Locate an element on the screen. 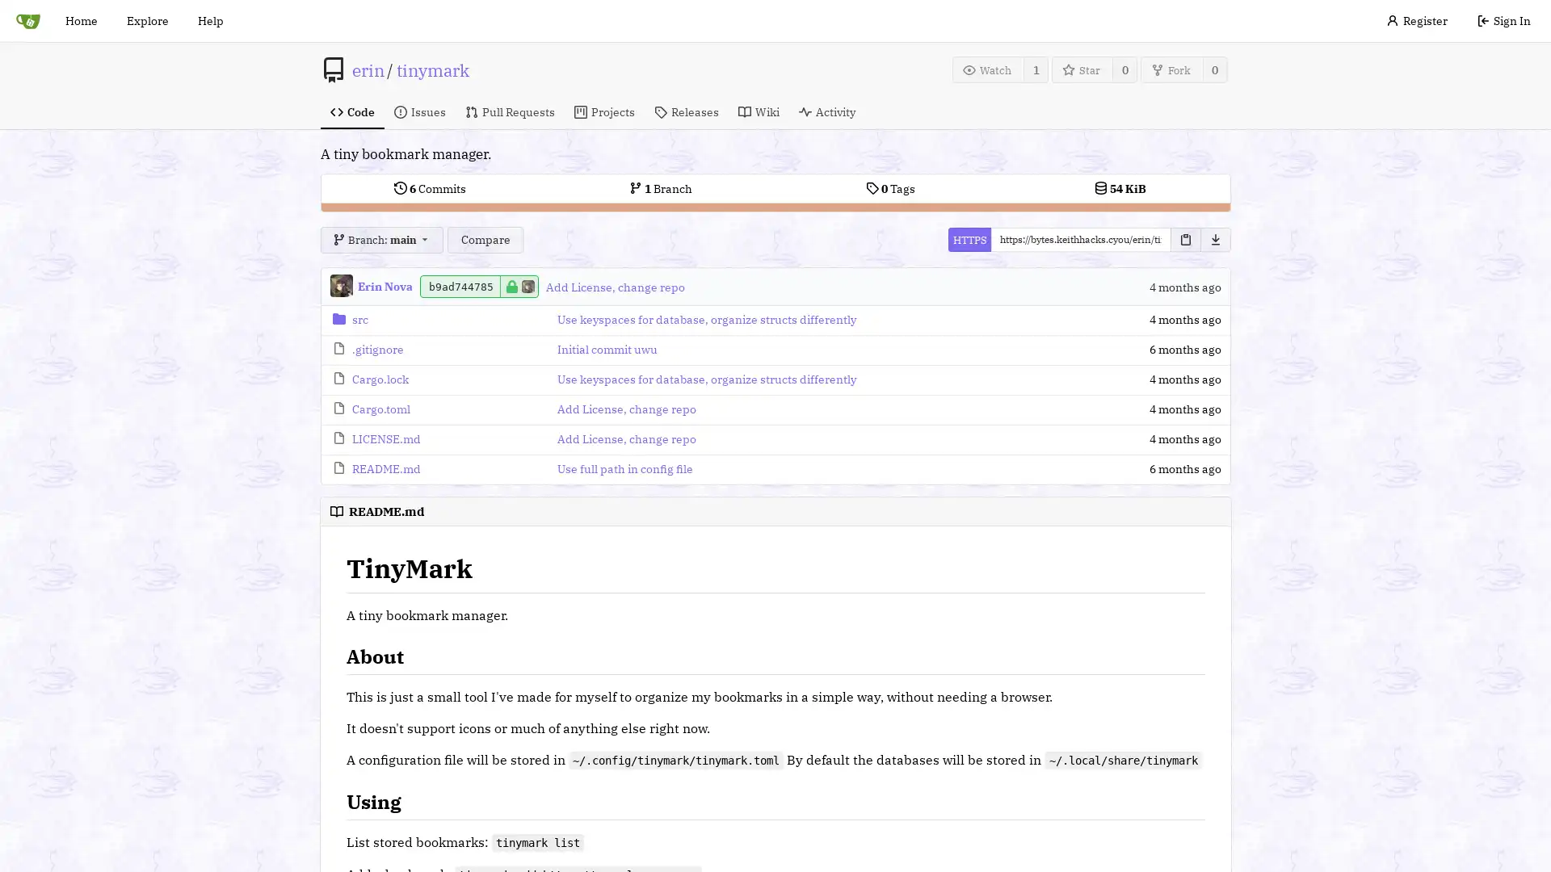  Watch is located at coordinates (987, 69).